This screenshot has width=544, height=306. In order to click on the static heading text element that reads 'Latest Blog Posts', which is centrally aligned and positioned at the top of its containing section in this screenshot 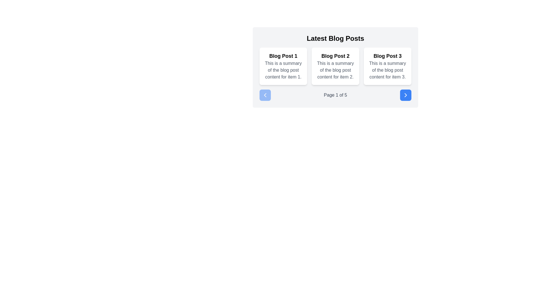, I will do `click(335, 38)`.